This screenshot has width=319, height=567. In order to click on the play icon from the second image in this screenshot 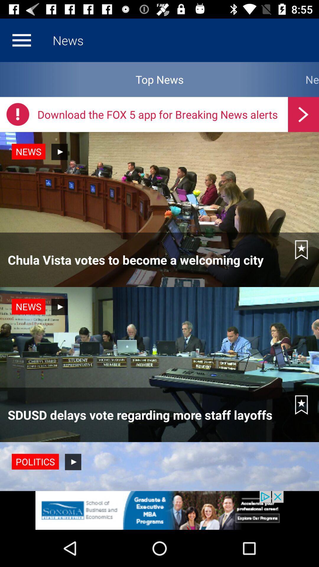, I will do `click(59, 307)`.